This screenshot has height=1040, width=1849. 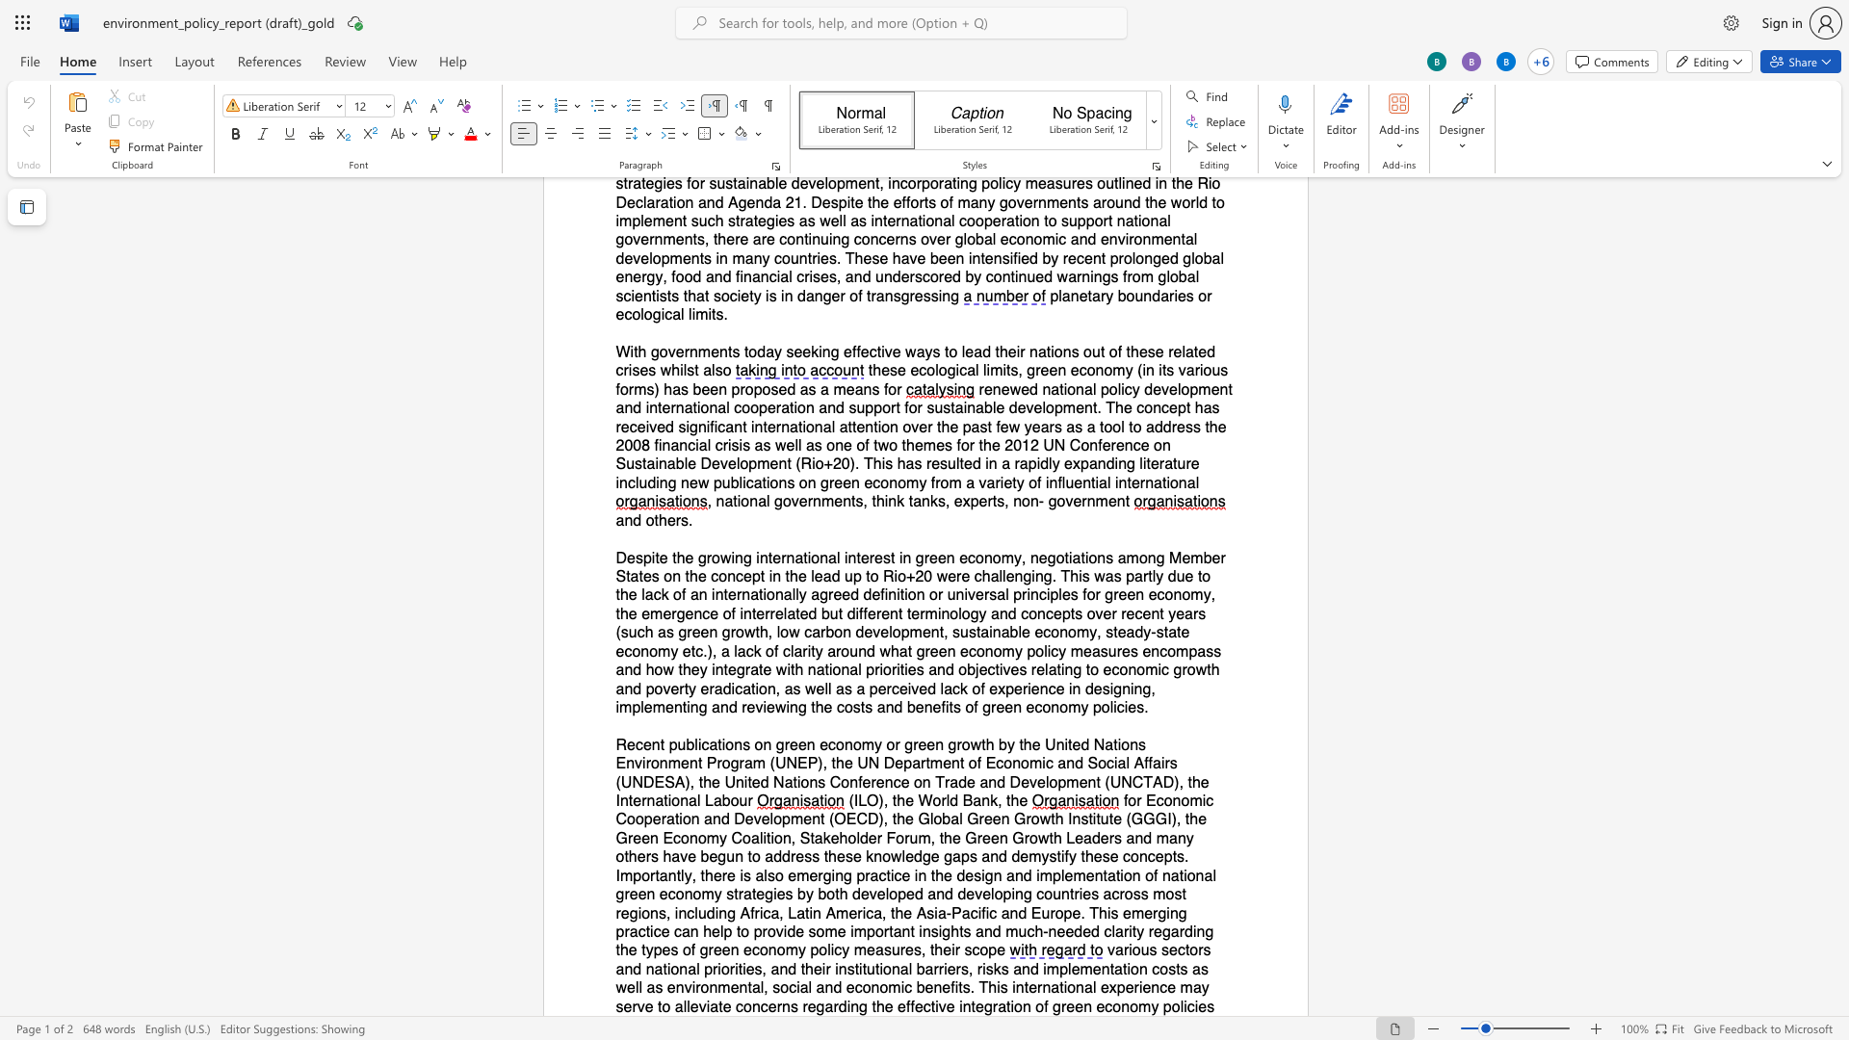 I want to click on the space between the continuous character "a" and "n" in the text, so click(x=824, y=988).